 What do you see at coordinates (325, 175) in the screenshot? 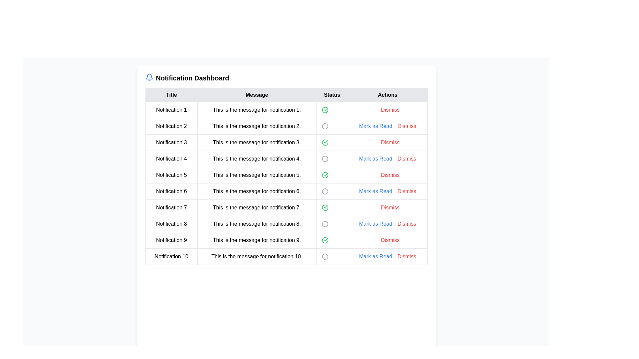
I see `the circular green status indicator icon with a checkmark in the fifth row of the notification table, to the left of the 'Dismiss' button` at bounding box center [325, 175].